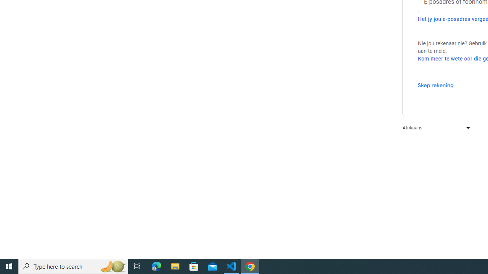 This screenshot has width=488, height=274. What do you see at coordinates (137, 266) in the screenshot?
I see `'Task View'` at bounding box center [137, 266].